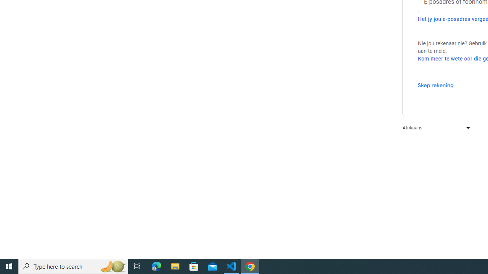 This screenshot has width=488, height=274. What do you see at coordinates (137, 266) in the screenshot?
I see `'Task View'` at bounding box center [137, 266].